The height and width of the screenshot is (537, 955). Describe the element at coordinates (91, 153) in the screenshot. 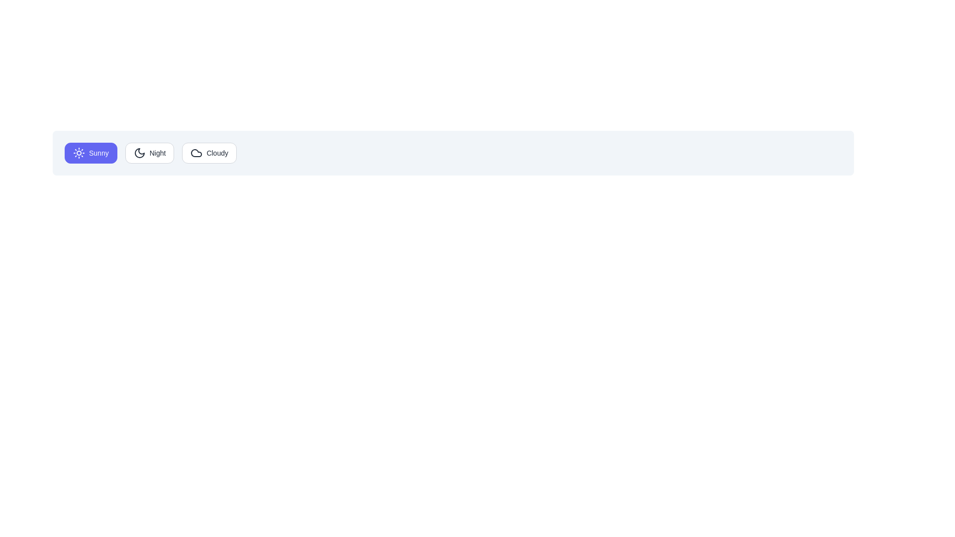

I see `the Sunny button to observe its hover state` at that location.